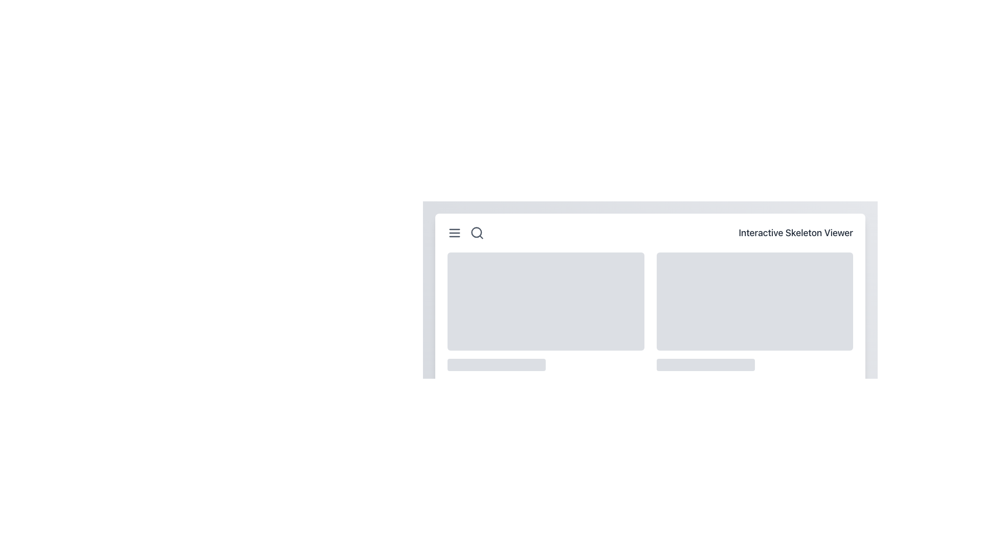  What do you see at coordinates (476, 232) in the screenshot?
I see `the inner circular lens of the magnifying glass icon, which serves as a visual indicator for search functionality, located next to the hamburger menu icon at the top-left edge of the application interface` at bounding box center [476, 232].